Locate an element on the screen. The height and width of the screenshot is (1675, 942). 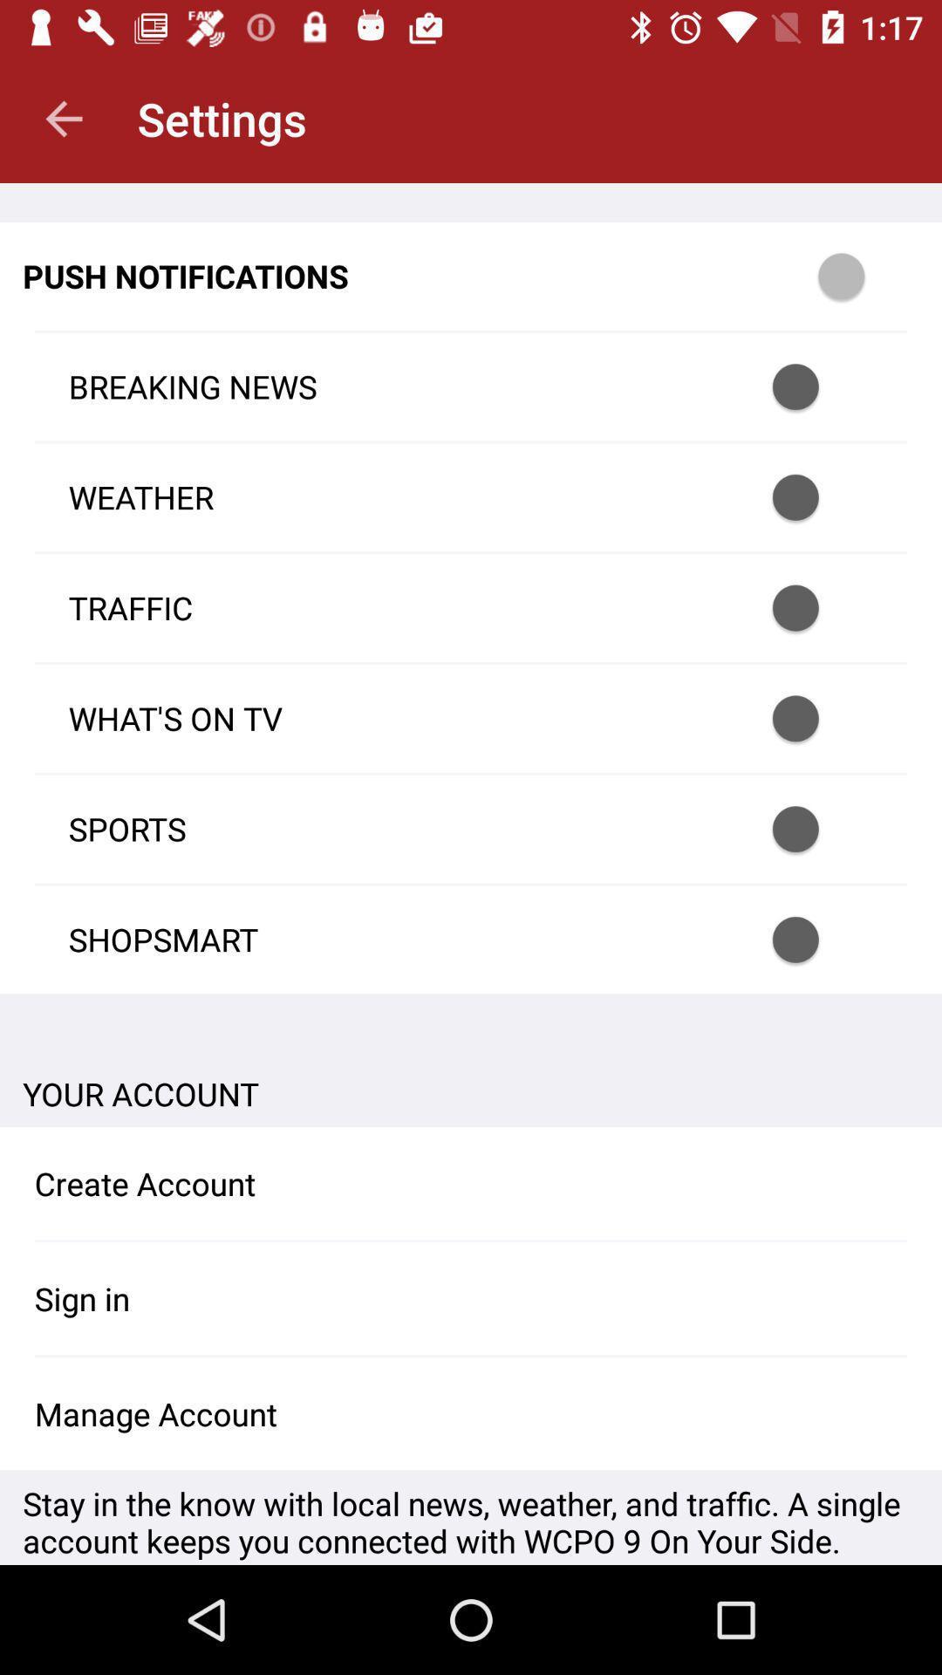
push notification is located at coordinates (864, 275).